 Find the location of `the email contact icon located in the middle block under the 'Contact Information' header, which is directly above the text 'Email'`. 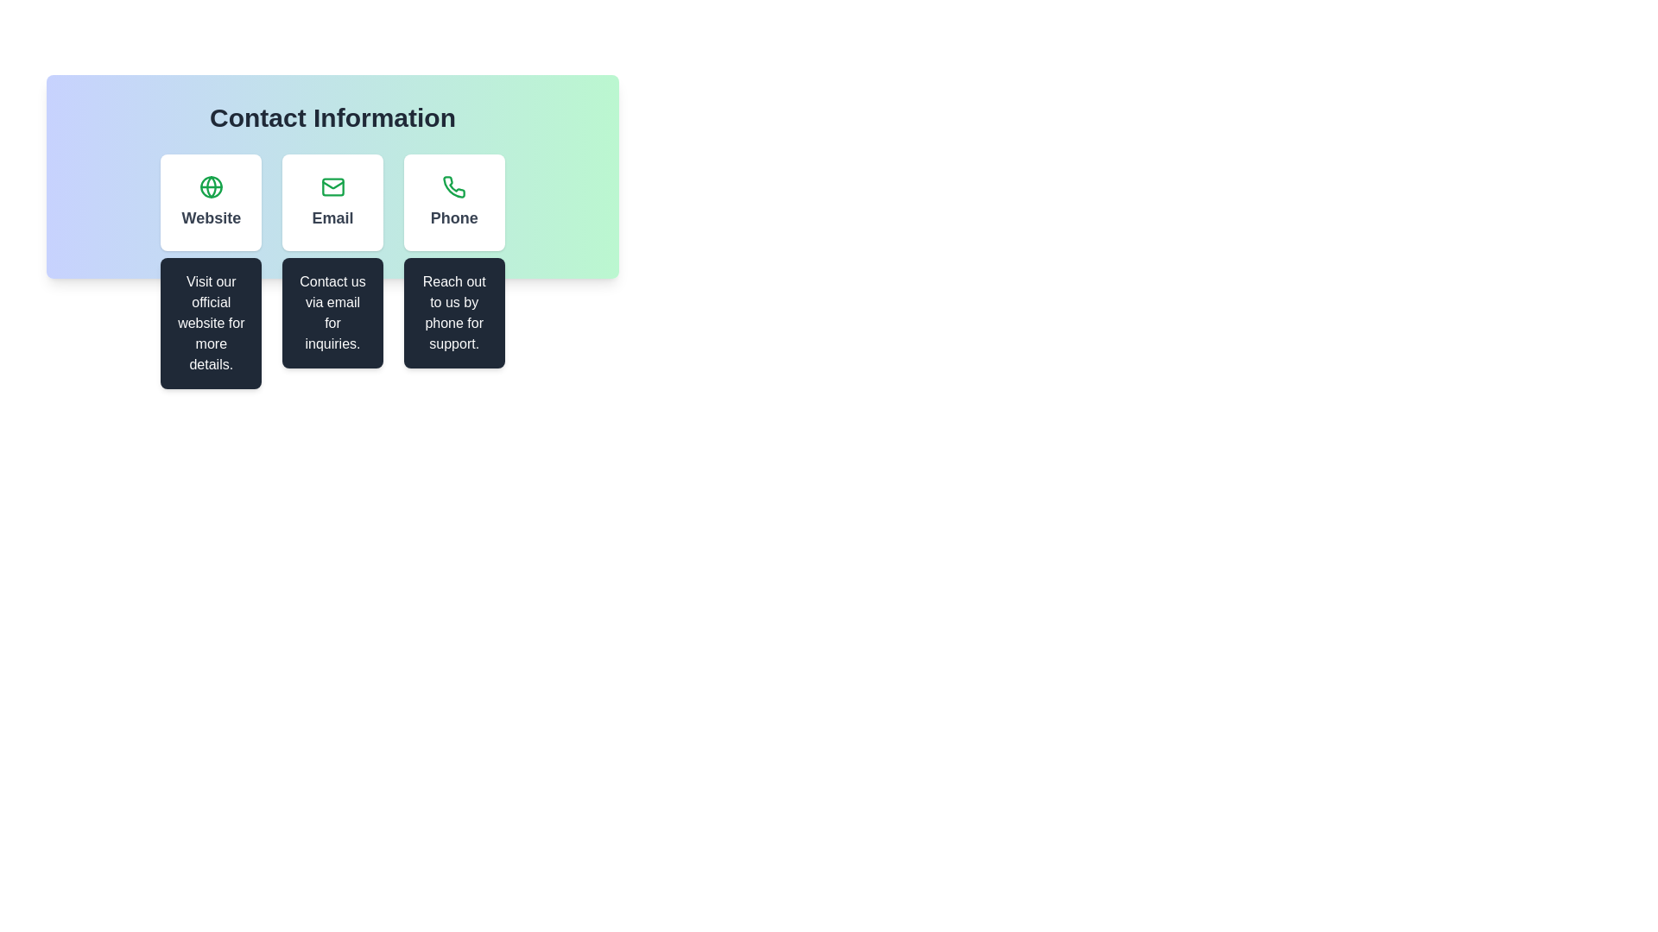

the email contact icon located in the middle block under the 'Contact Information' header, which is directly above the text 'Email' is located at coordinates (332, 186).